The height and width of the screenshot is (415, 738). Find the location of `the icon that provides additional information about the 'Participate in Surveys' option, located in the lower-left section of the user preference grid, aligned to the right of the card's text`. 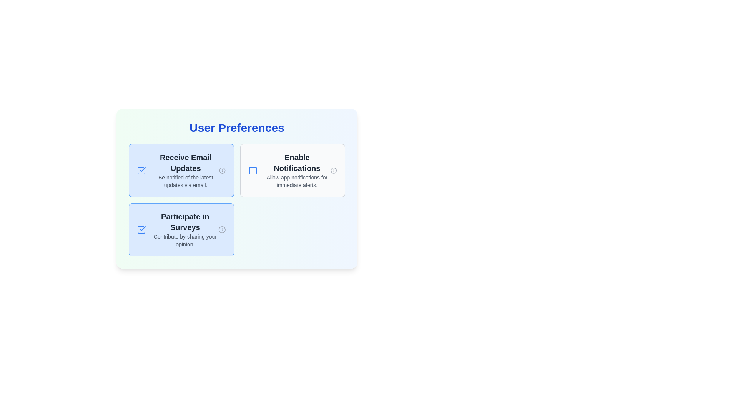

the icon that provides additional information about the 'Participate in Surveys' option, located in the lower-left section of the user preference grid, aligned to the right of the card's text is located at coordinates (221, 229).